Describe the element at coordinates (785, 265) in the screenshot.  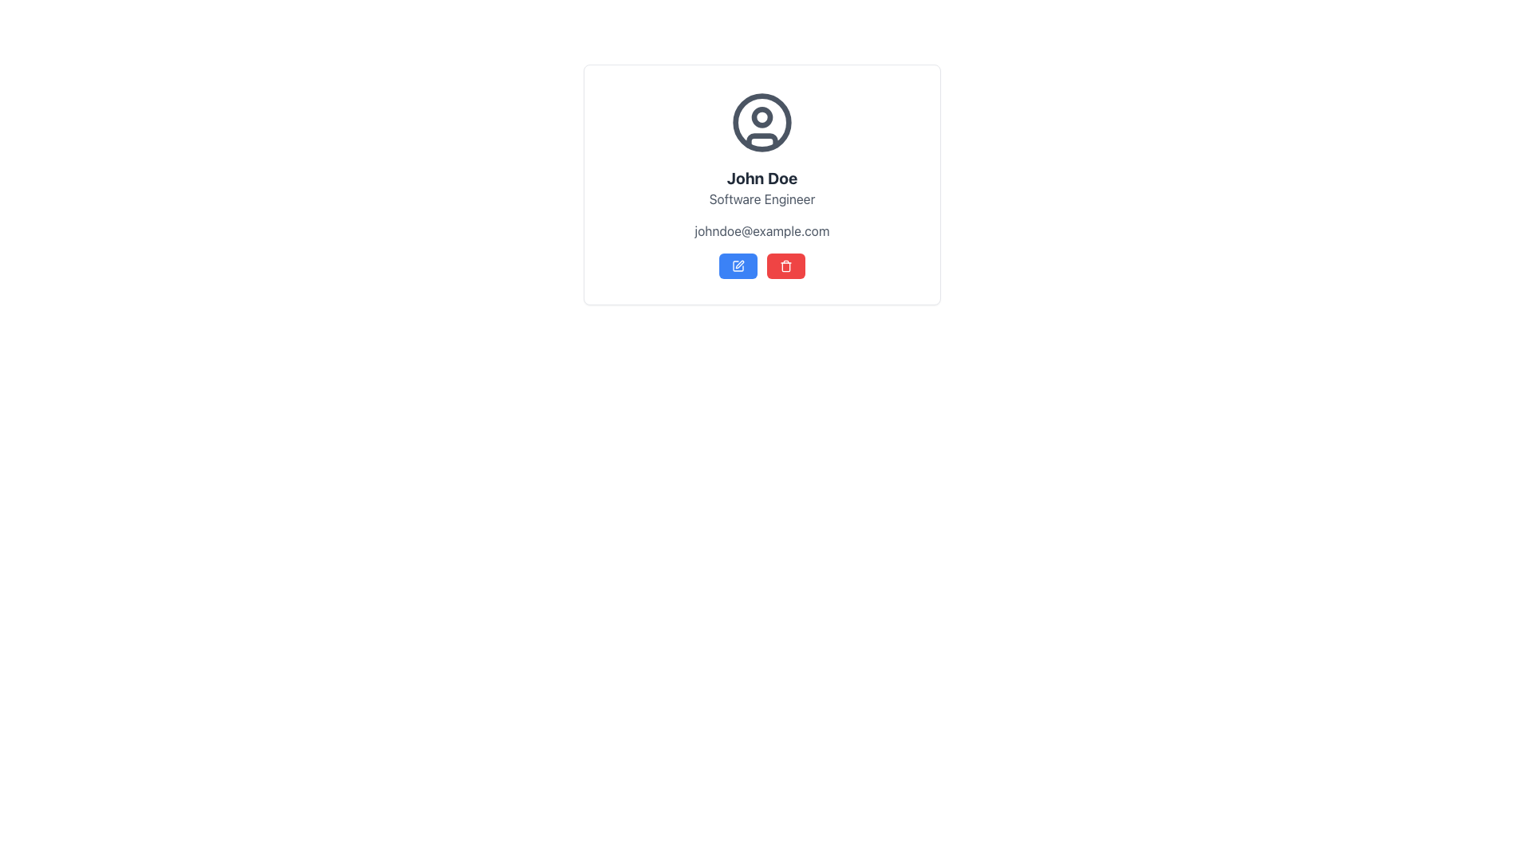
I see `the red button with a trash can icon located to the right of the blue pencil button, positioned below 'johndoe@example.com'` at that location.